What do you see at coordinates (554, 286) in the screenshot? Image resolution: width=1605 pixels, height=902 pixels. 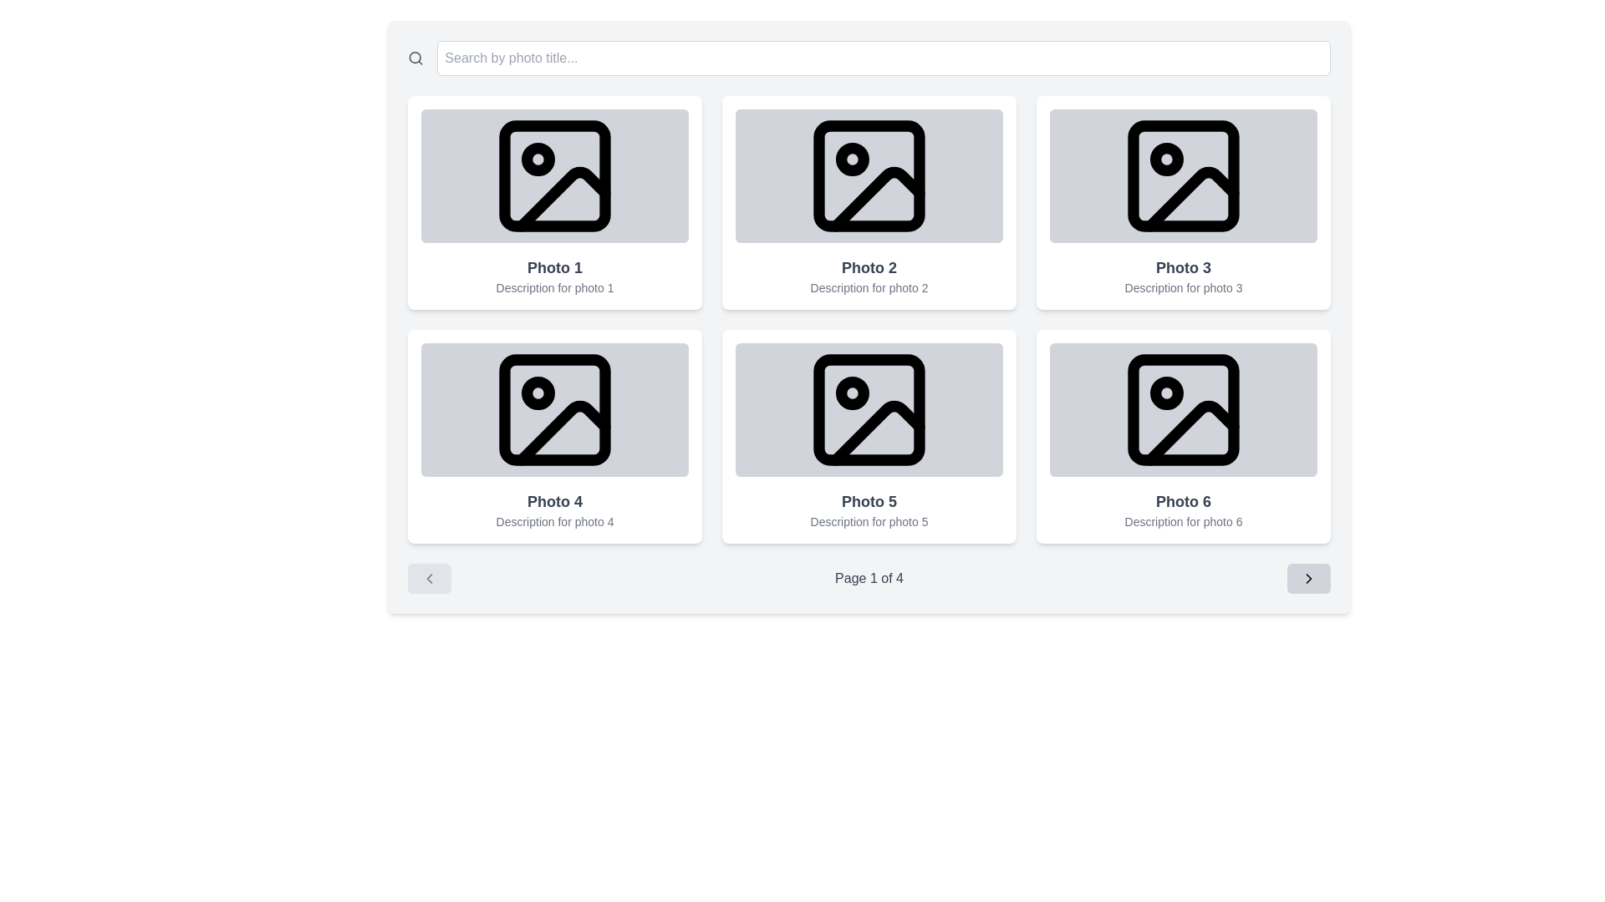 I see `the text label that reads 'Description for photo 1', which is styled with small-sized gray text and located directly below the title 'Photo 1'` at bounding box center [554, 286].